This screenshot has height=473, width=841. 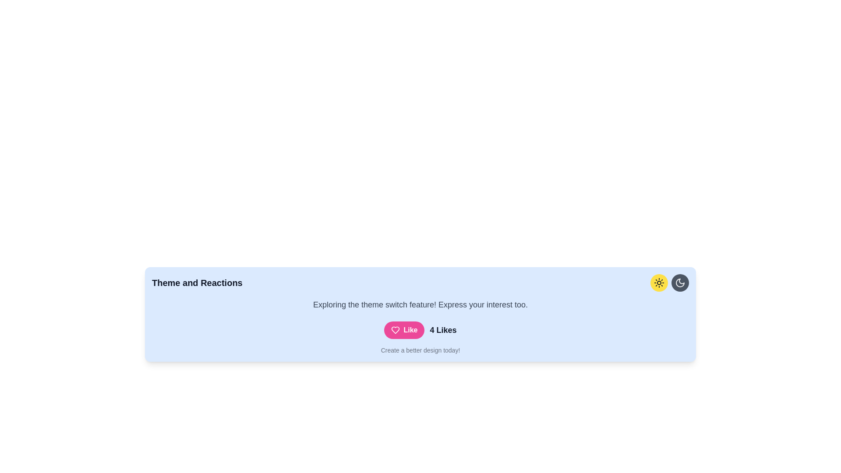 What do you see at coordinates (659, 282) in the screenshot?
I see `the light mode icon located in the upper-right portion of the card` at bounding box center [659, 282].